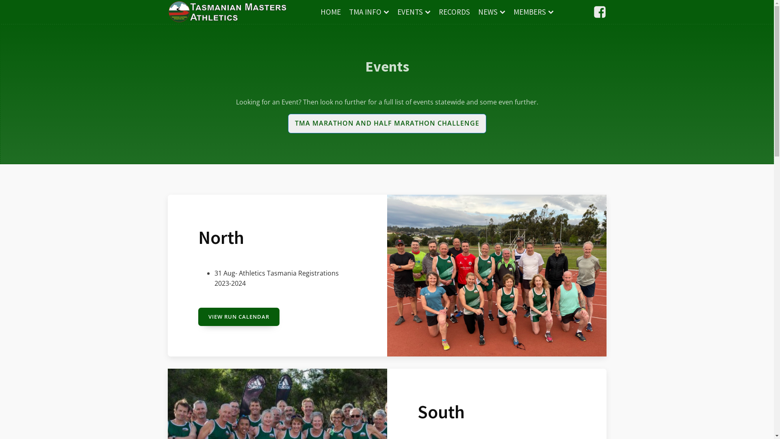  I want to click on 'VIEW RUN CALENDAR', so click(238, 316).